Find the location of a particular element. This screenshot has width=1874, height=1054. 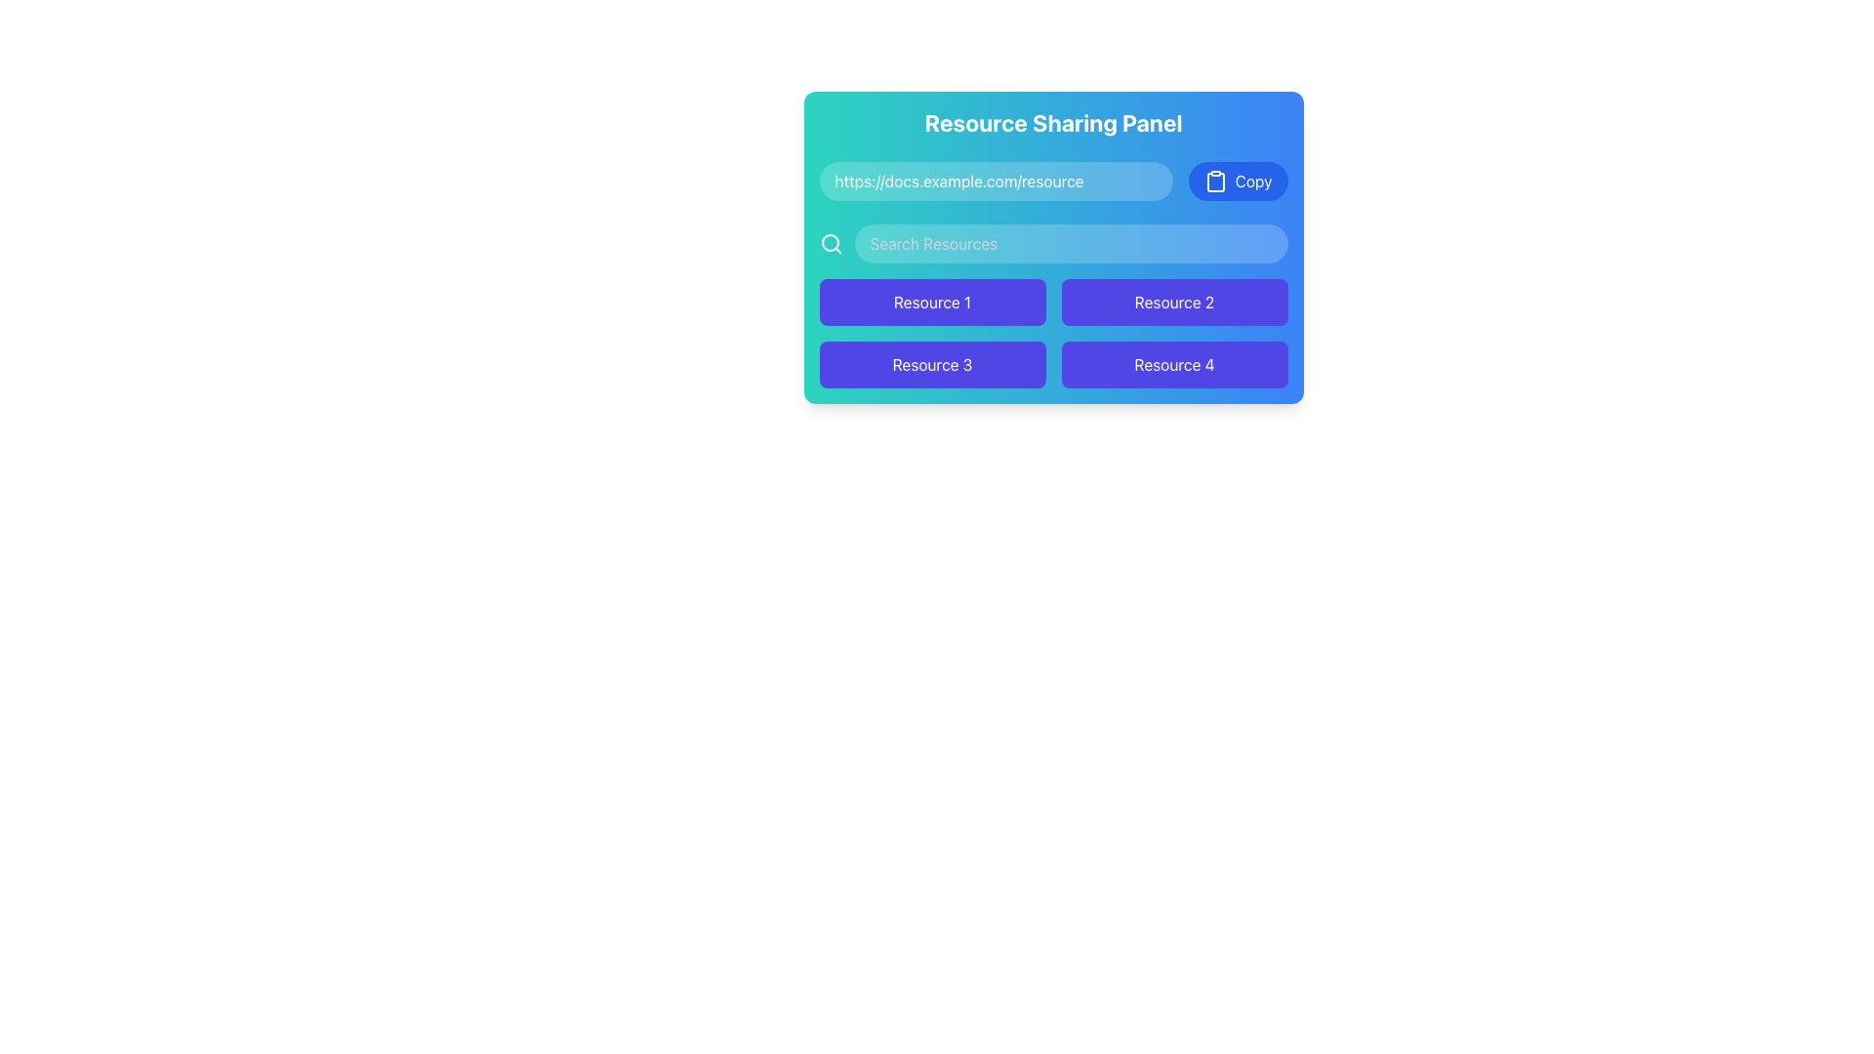

the clipboard icon located inside the blue button labeled 'Copy', positioned in the upper-right corner of the button within the 'Resource Sharing Panel' is located at coordinates (1214, 181).